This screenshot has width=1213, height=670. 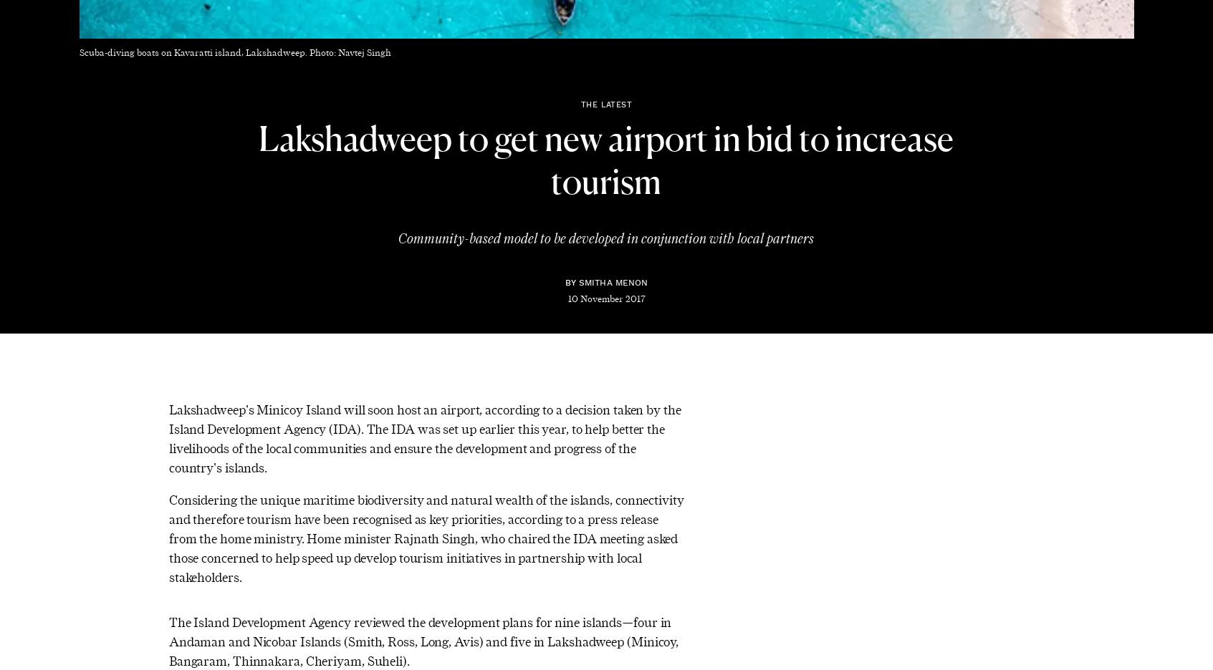 I want to click on 'The Latest', so click(x=605, y=104).